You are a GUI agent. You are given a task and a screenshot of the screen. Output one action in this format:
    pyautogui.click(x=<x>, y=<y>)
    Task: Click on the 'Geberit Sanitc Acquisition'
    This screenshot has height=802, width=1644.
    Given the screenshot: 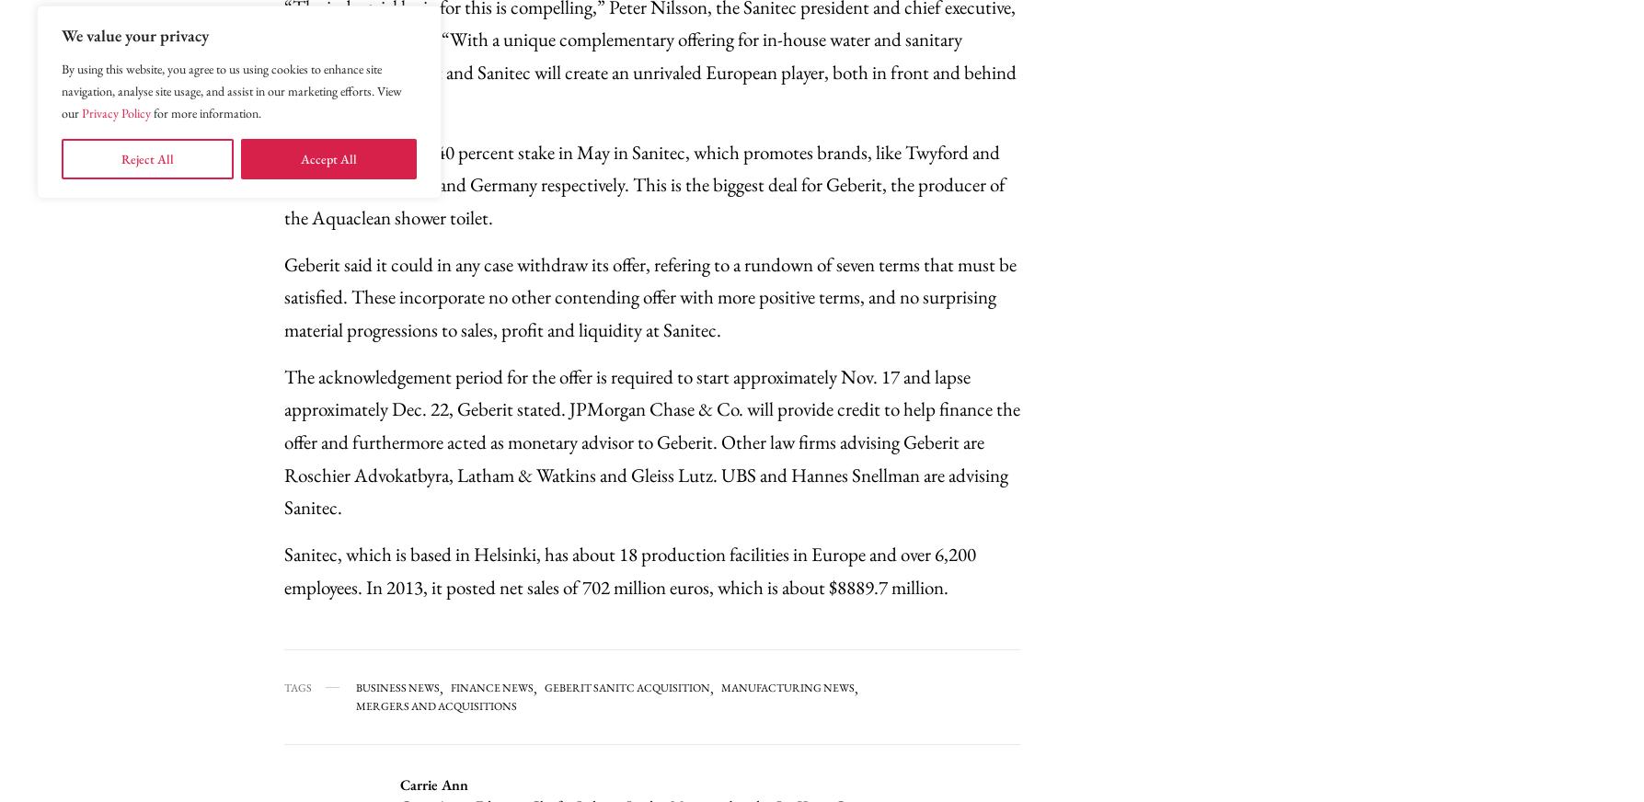 What is the action you would take?
    pyautogui.click(x=542, y=687)
    